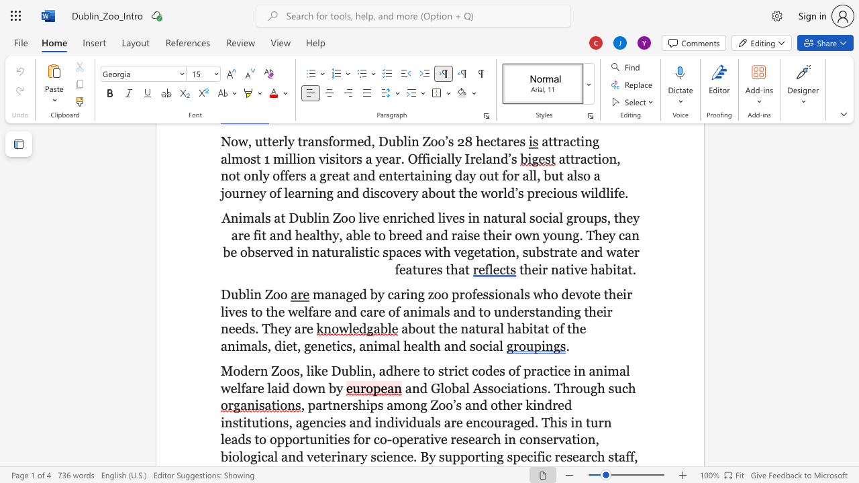 The height and width of the screenshot is (483, 859). What do you see at coordinates (407, 294) in the screenshot?
I see `the 1th character "i" in the text` at bounding box center [407, 294].